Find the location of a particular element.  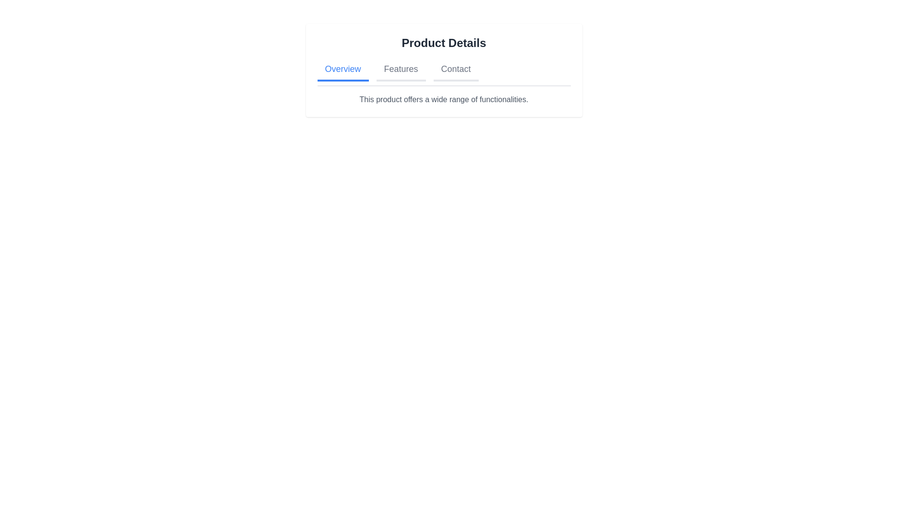

the static text heading that serves as a title for the product details section, located at the top of the interface above the navigation bar is located at coordinates (443, 42).